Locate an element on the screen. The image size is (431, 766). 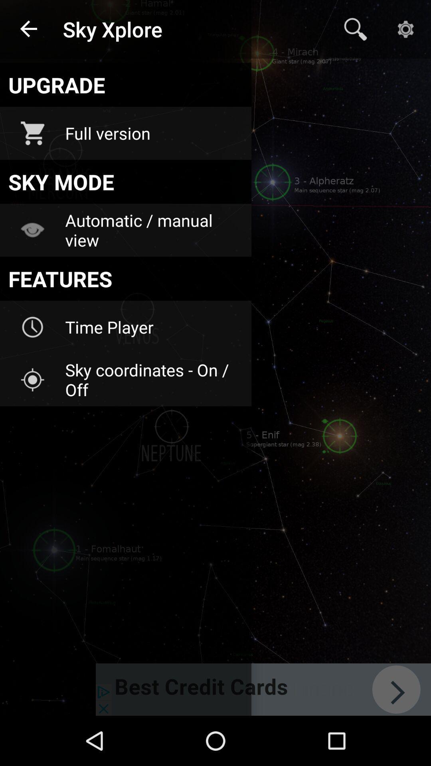
the sky mode item is located at coordinates (126, 181).